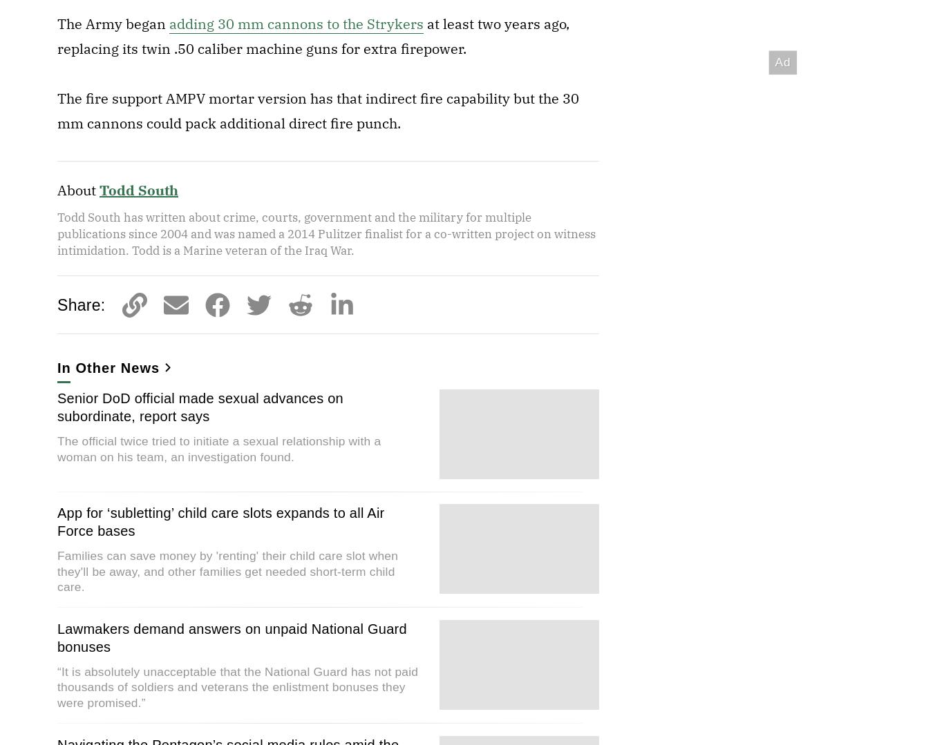 The image size is (944, 745). Describe the element at coordinates (296, 23) in the screenshot. I see `'adding 30 mm cannons to the Strykers'` at that location.